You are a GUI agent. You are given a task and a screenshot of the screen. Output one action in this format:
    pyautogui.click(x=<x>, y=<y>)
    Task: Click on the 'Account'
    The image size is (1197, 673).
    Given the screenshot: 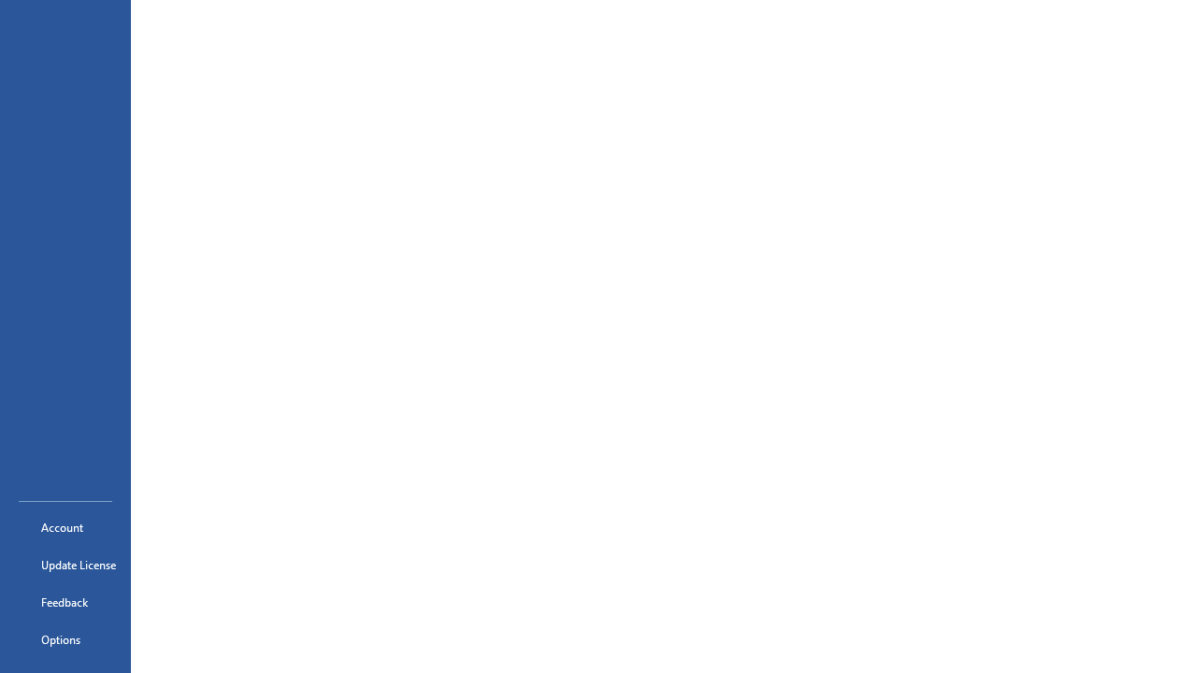 What is the action you would take?
    pyautogui.click(x=65, y=527)
    